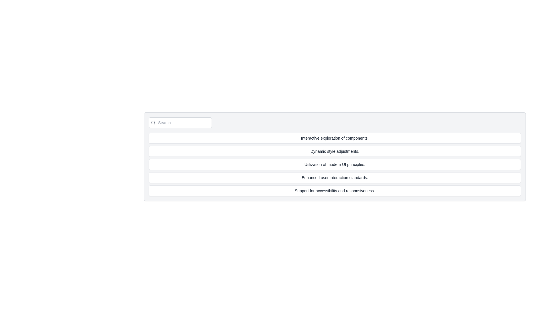  Describe the element at coordinates (312, 164) in the screenshot. I see `the sixth character of the word 'Utilization' in the phrase 'Utilization of modern UI principles' located in the third row of a vertically arranged list` at that location.